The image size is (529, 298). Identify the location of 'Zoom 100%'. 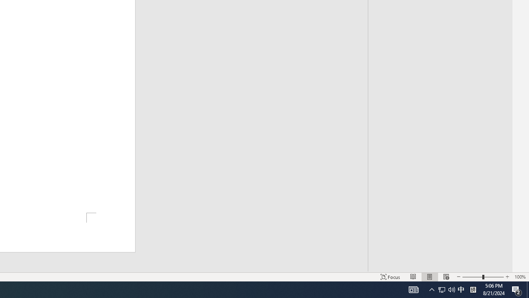
(519, 277).